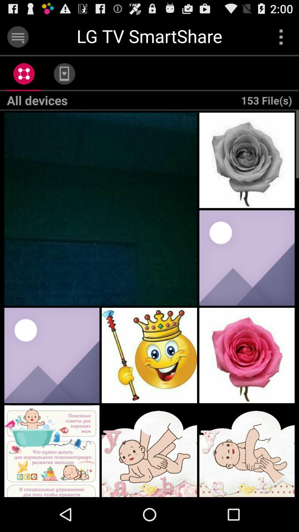  Describe the element at coordinates (281, 37) in the screenshot. I see `shows menu option` at that location.